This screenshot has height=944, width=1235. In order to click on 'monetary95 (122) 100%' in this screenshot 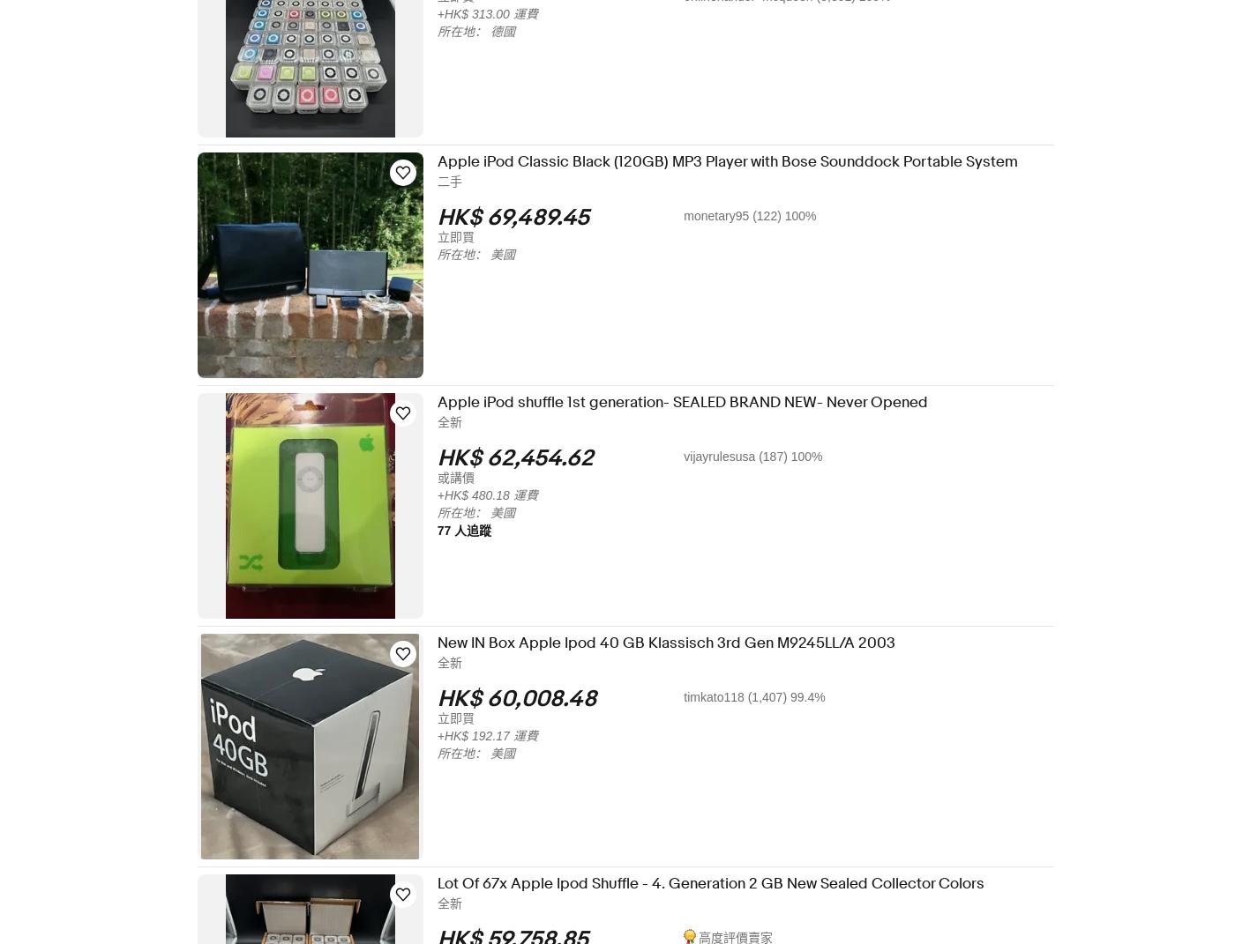, I will do `click(760, 216)`.